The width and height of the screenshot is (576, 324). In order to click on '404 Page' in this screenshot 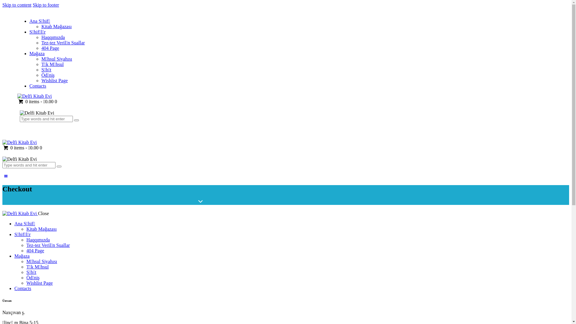, I will do `click(50, 48)`.